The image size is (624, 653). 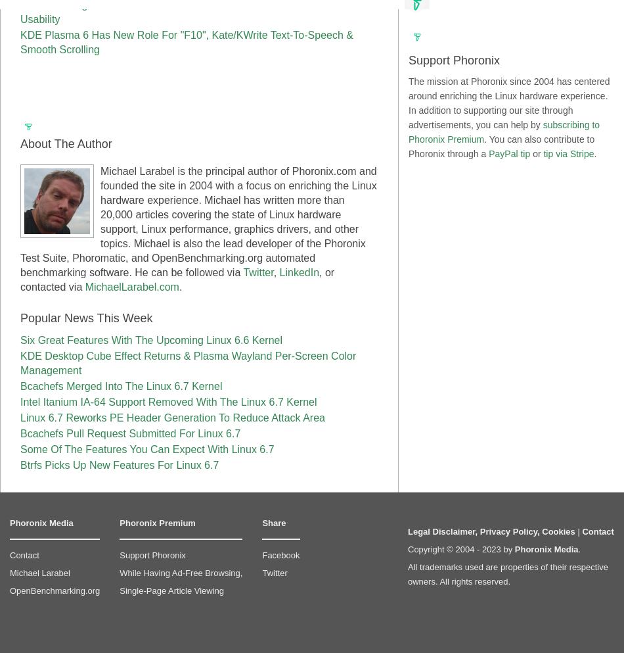 I want to click on 'Bcachefs Merged Into The Linux 6.7 Kernel', so click(x=20, y=386).